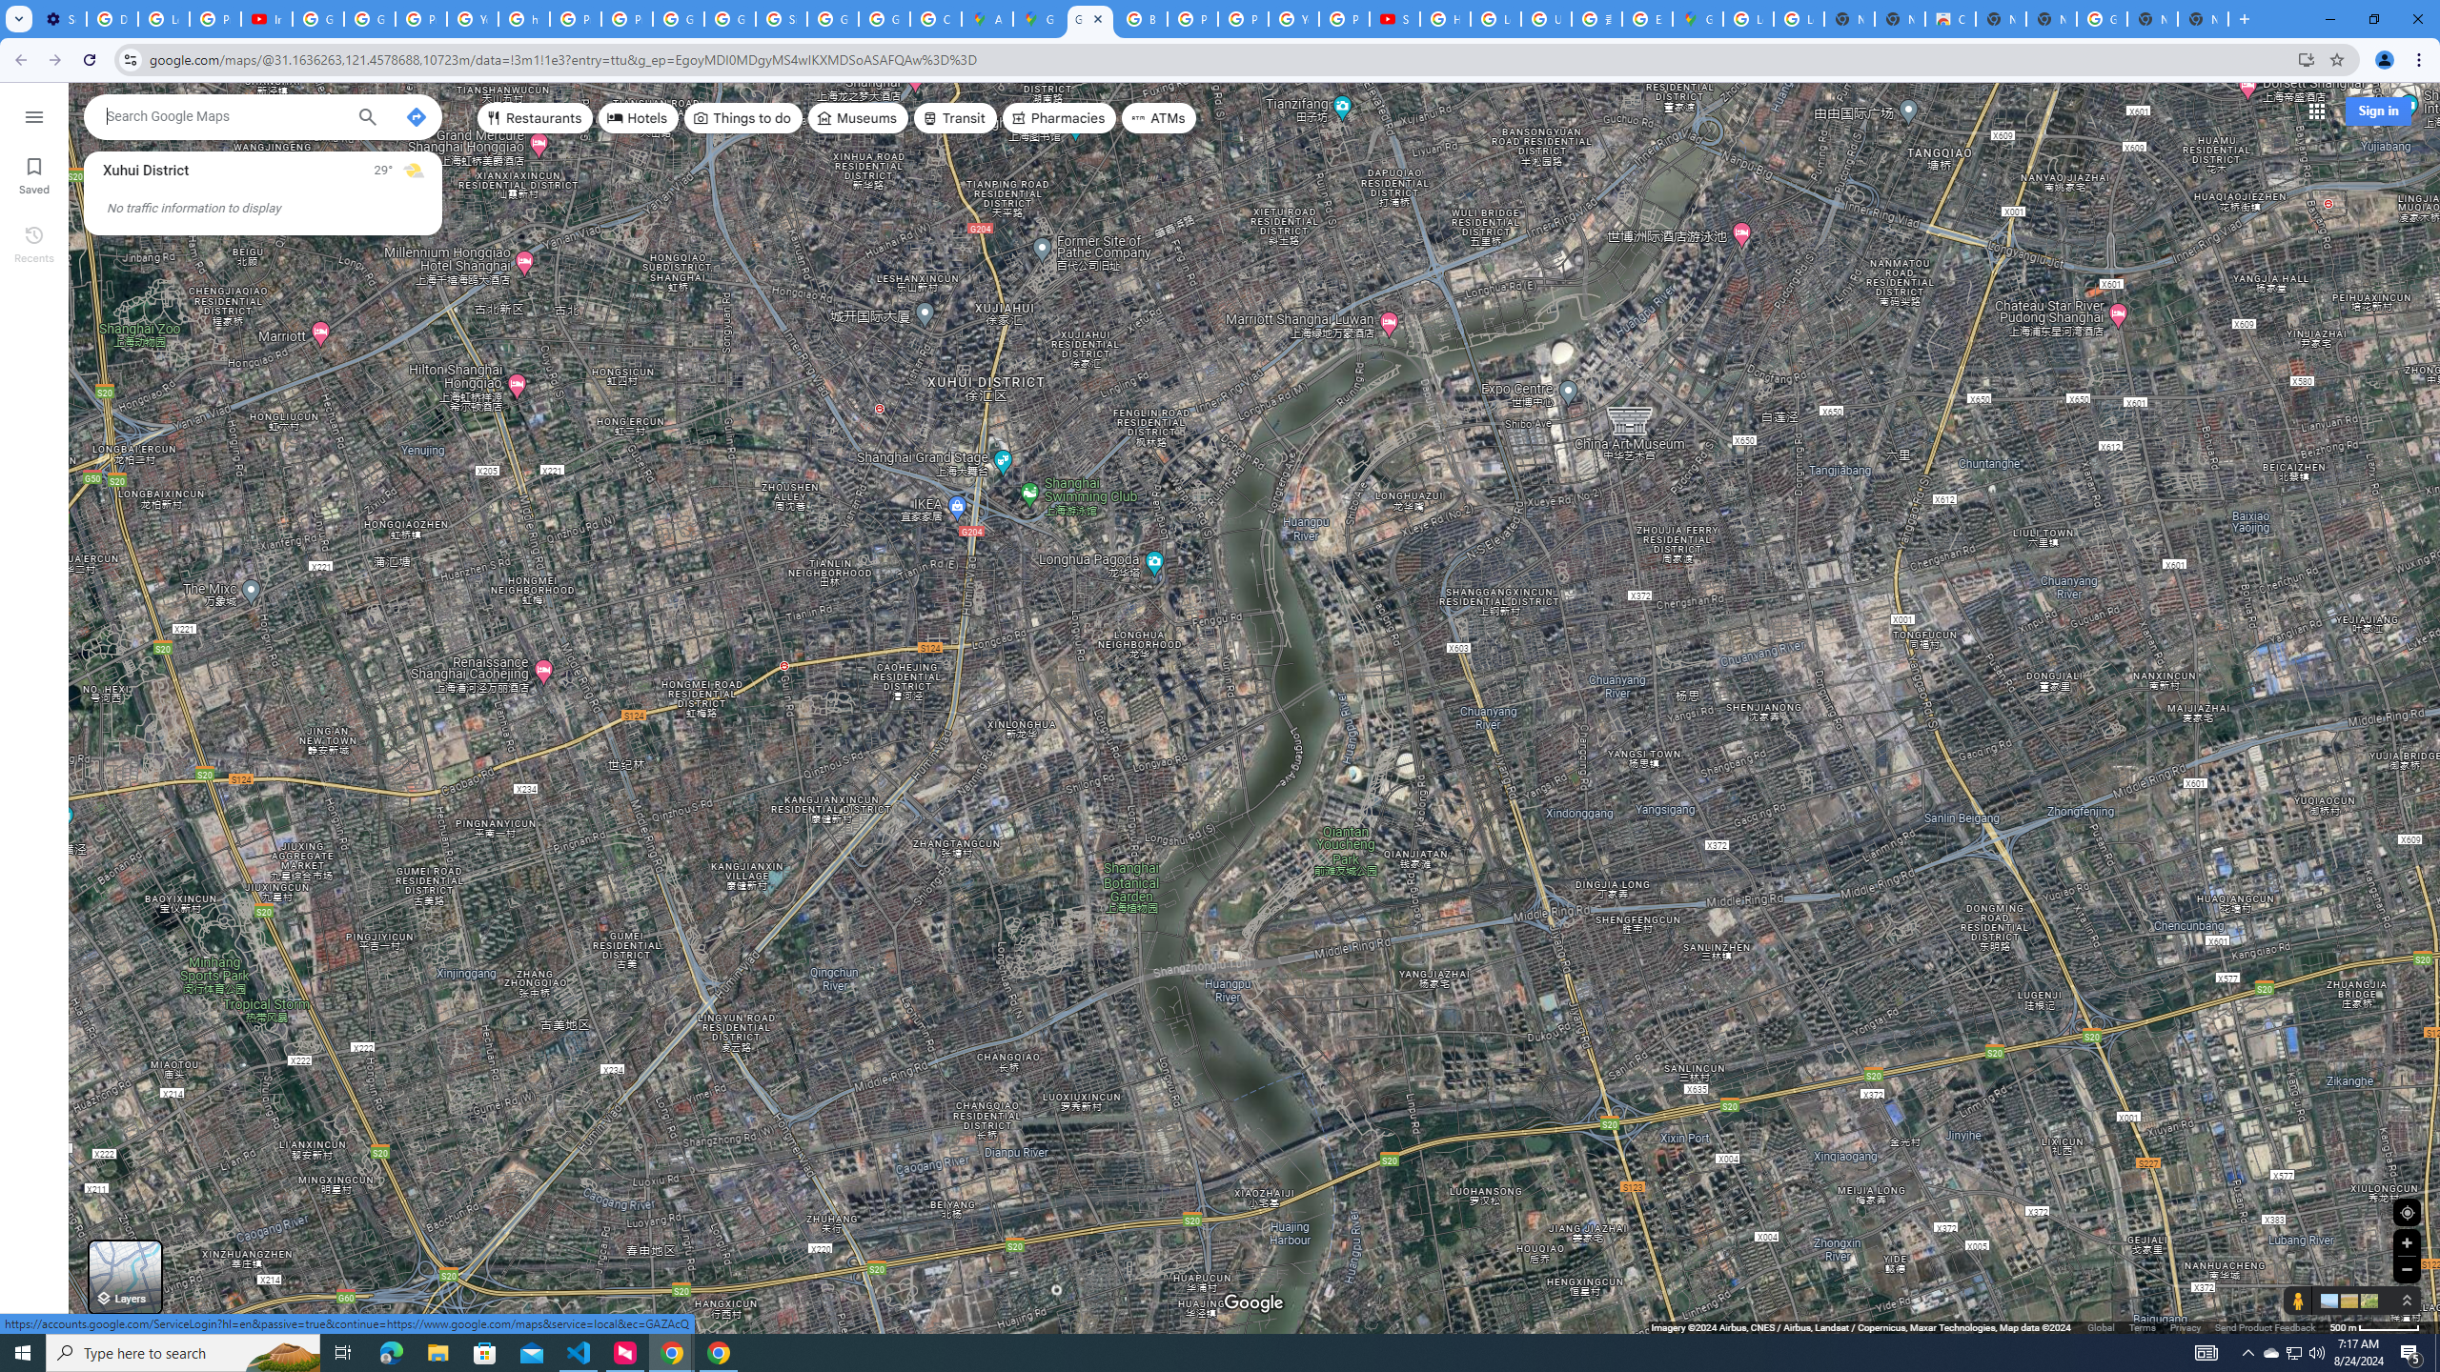 The height and width of the screenshot is (1372, 2440). I want to click on 'Show Street View coverage', so click(2297, 1300).